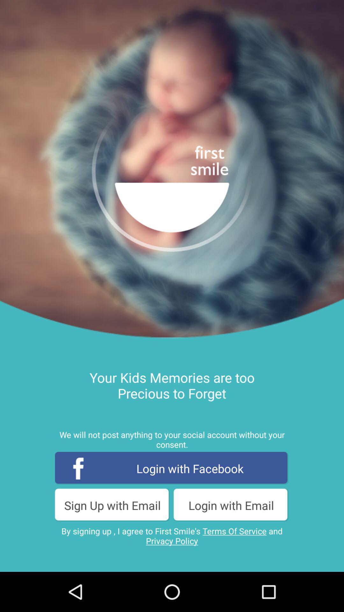 The width and height of the screenshot is (344, 612). What do you see at coordinates (172, 535) in the screenshot?
I see `by signing up icon` at bounding box center [172, 535].